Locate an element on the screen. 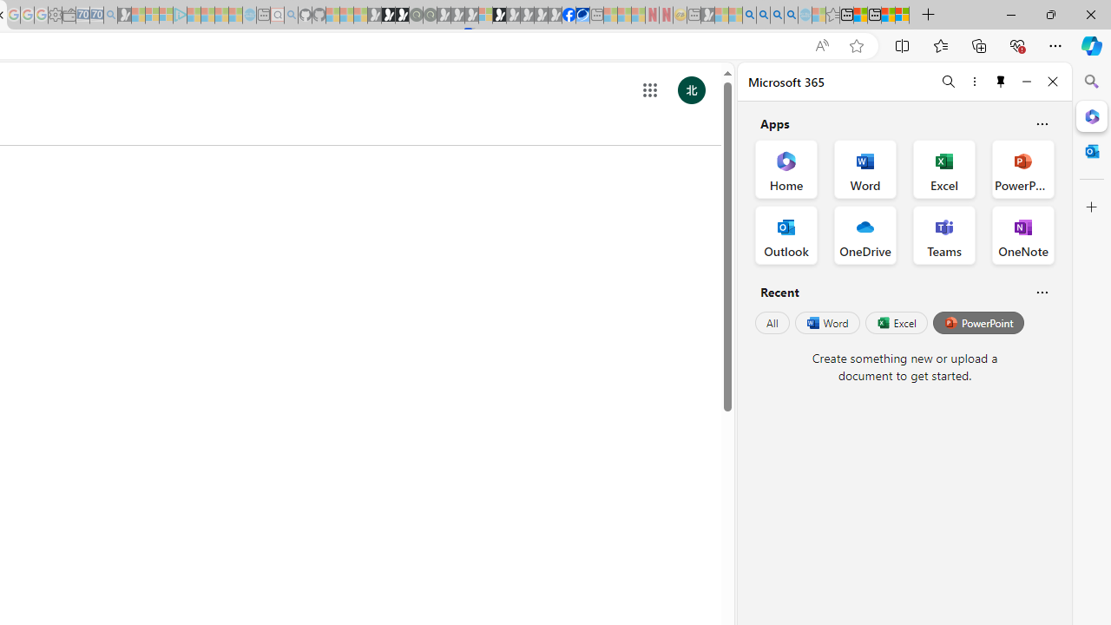 Image resolution: width=1111 pixels, height=625 pixels. 'PowerPoint' is located at coordinates (978, 323).